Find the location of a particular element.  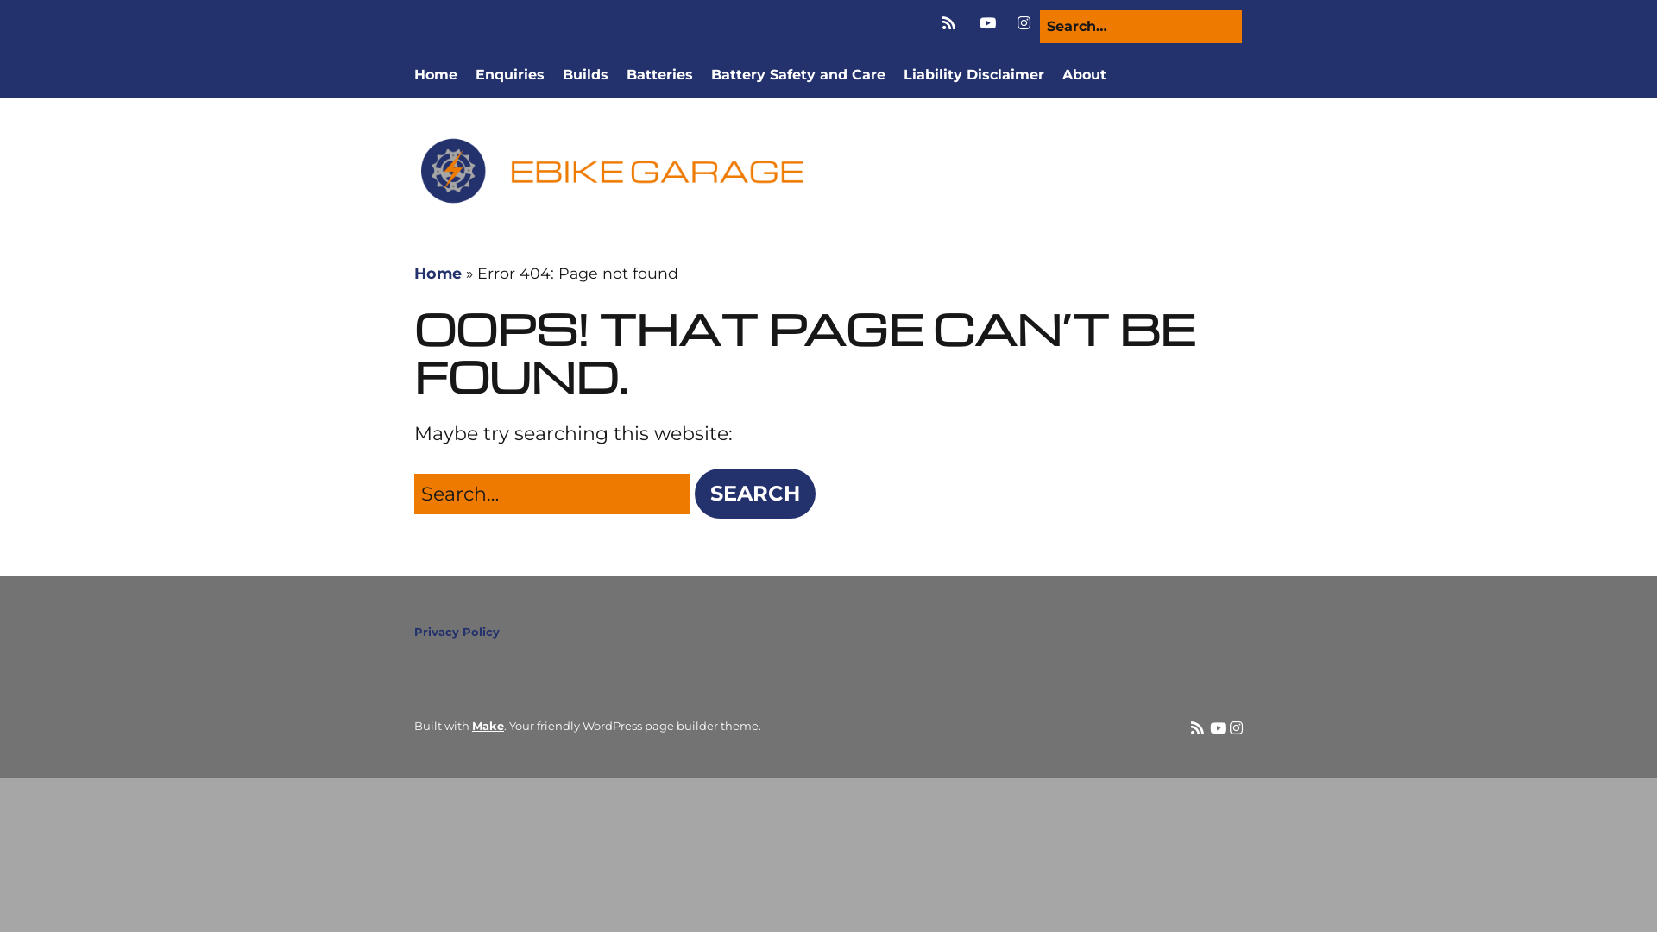

'Builds' is located at coordinates (585, 74).